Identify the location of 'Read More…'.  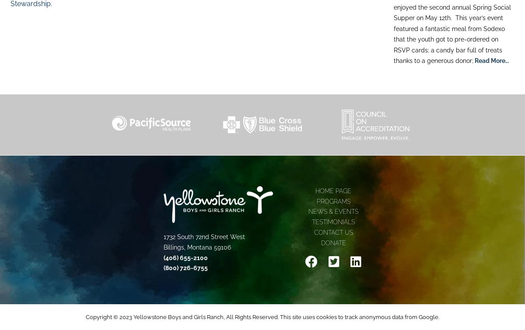
(490, 60).